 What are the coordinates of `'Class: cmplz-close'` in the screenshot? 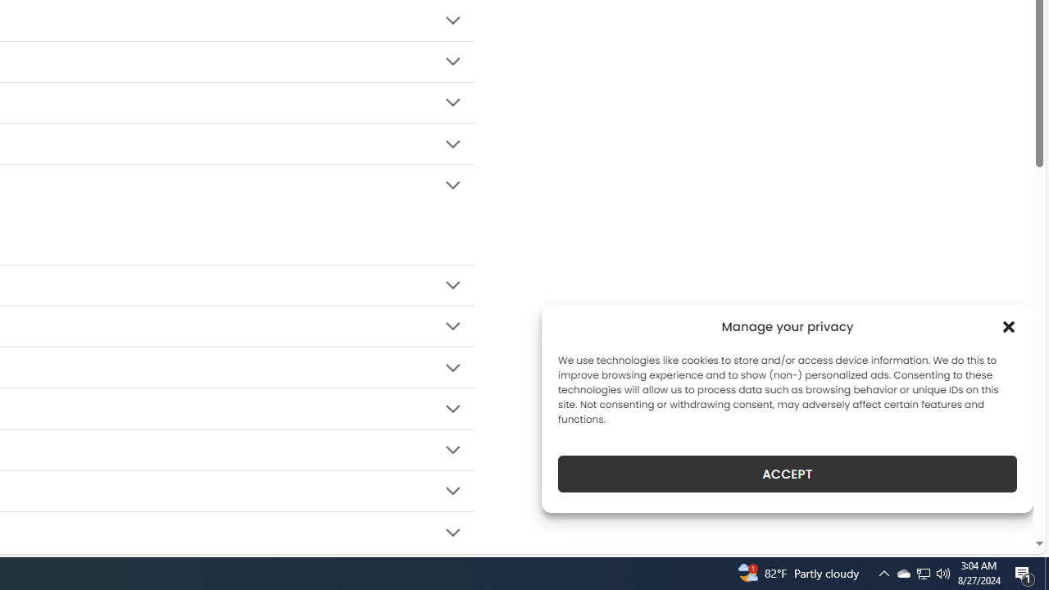 It's located at (1008, 326).